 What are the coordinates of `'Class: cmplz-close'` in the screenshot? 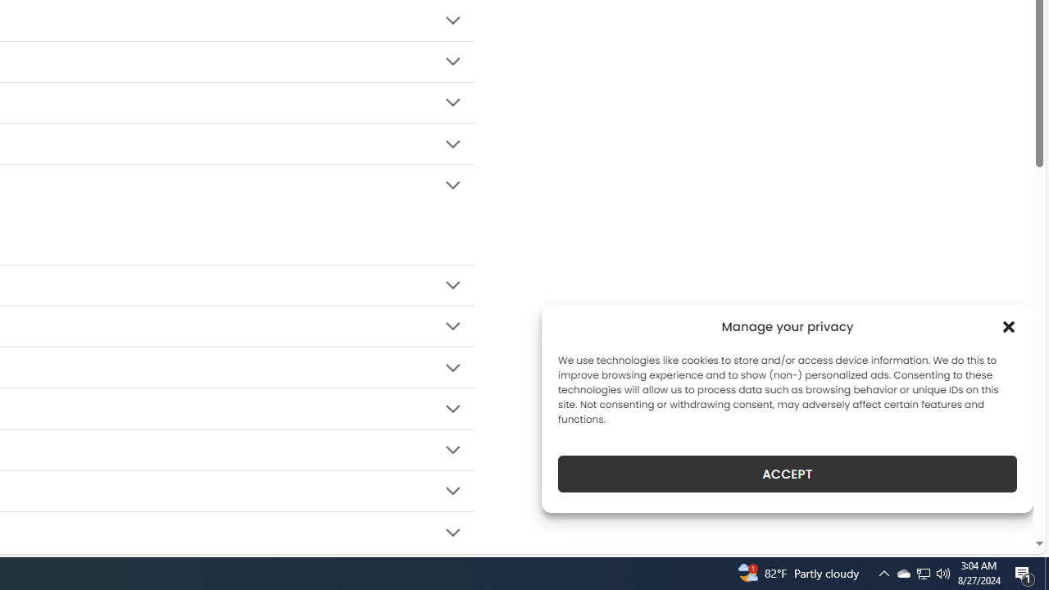 It's located at (1008, 326).